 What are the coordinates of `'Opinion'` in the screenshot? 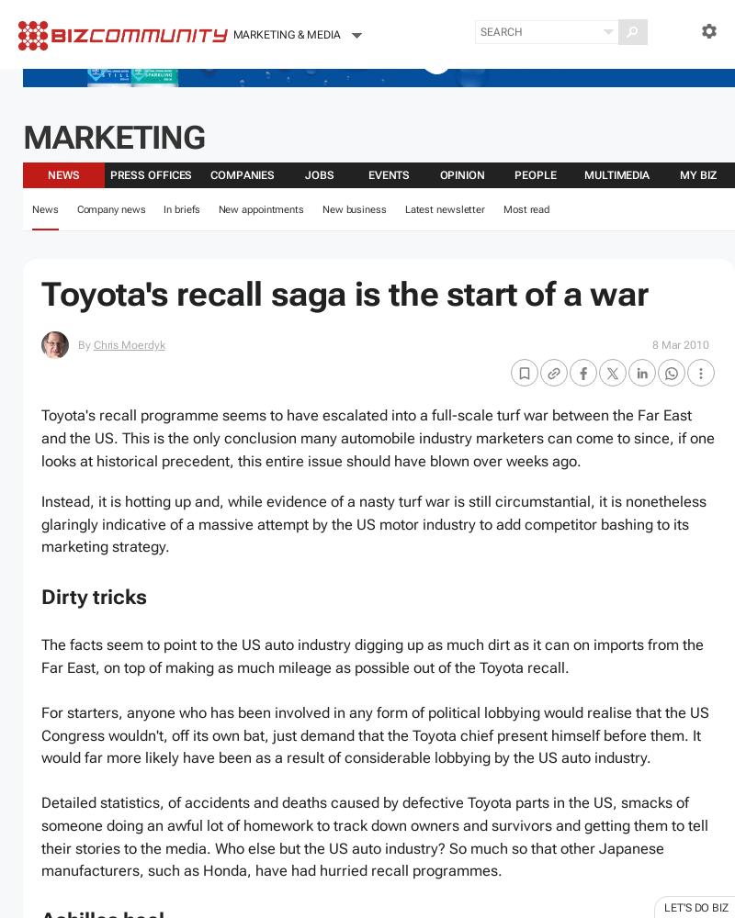 It's located at (460, 174).